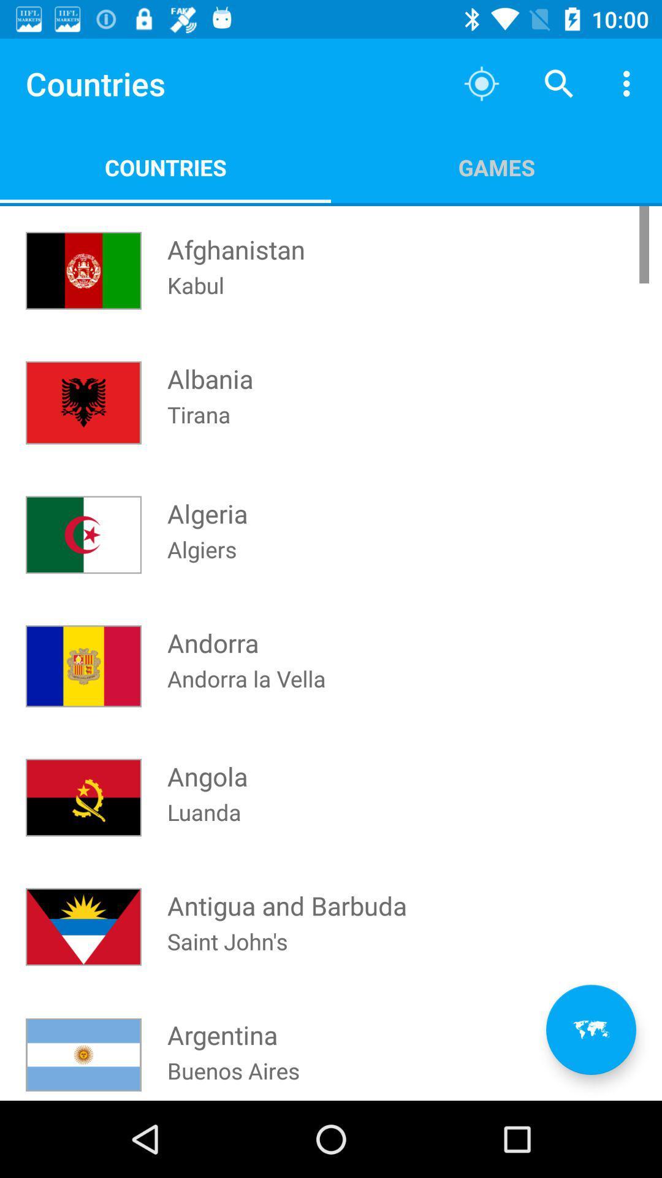 The image size is (662, 1178). Describe the element at coordinates (496, 167) in the screenshot. I see `games icon` at that location.